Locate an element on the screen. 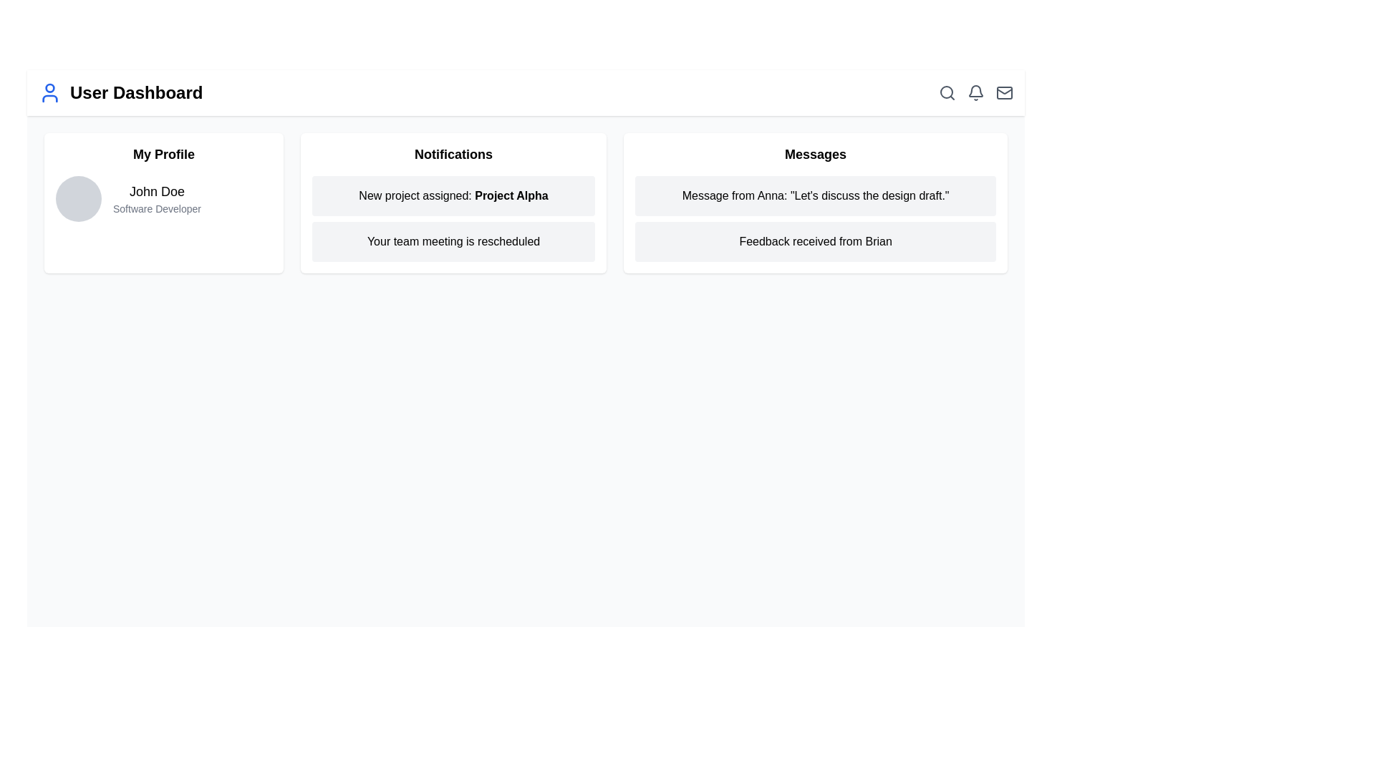 The width and height of the screenshot is (1375, 773). the 'Software Developer' label located below 'John Doe' in the 'My Profile' card is located at coordinates (157, 209).